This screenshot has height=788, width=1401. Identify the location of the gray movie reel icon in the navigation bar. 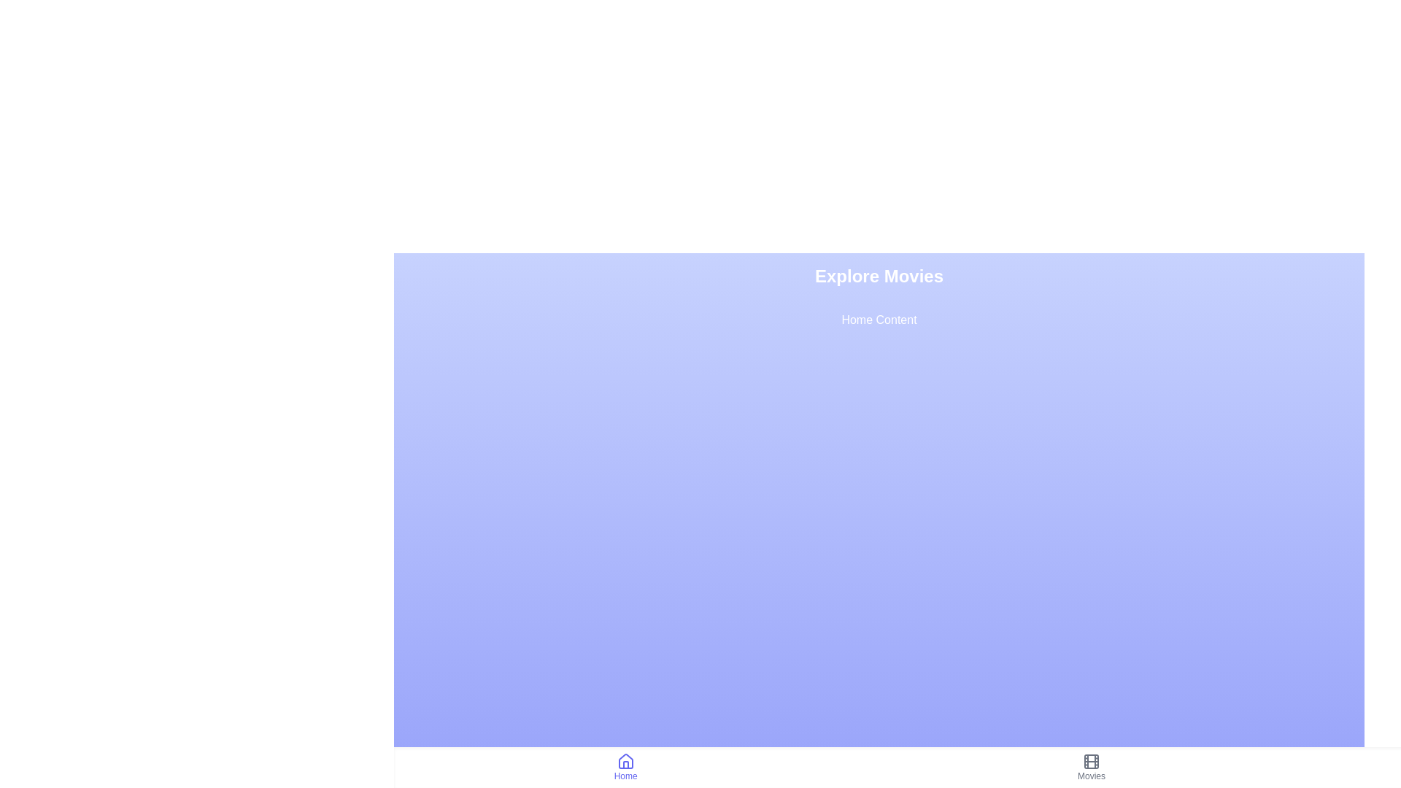
(1092, 761).